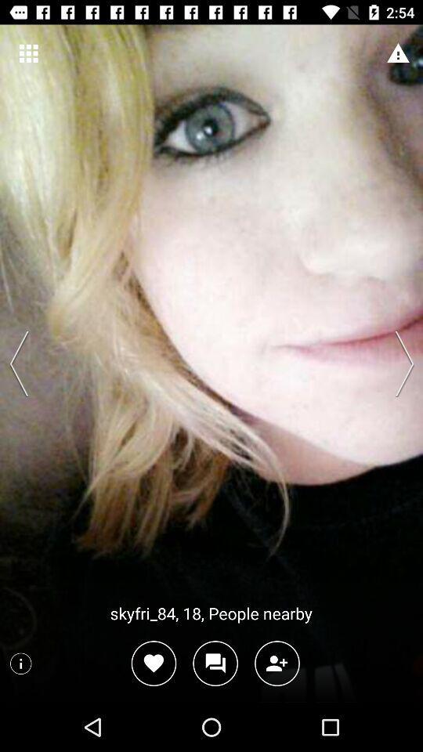 The height and width of the screenshot is (752, 423). What do you see at coordinates (20, 663) in the screenshot?
I see `the info icon` at bounding box center [20, 663].